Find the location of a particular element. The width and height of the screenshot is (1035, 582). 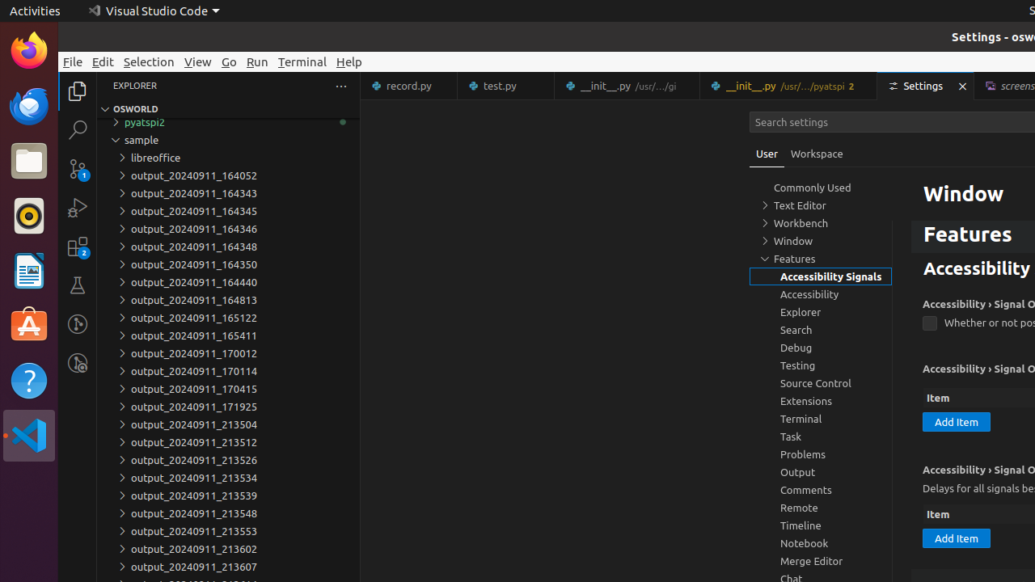

'View' is located at coordinates (196, 61).